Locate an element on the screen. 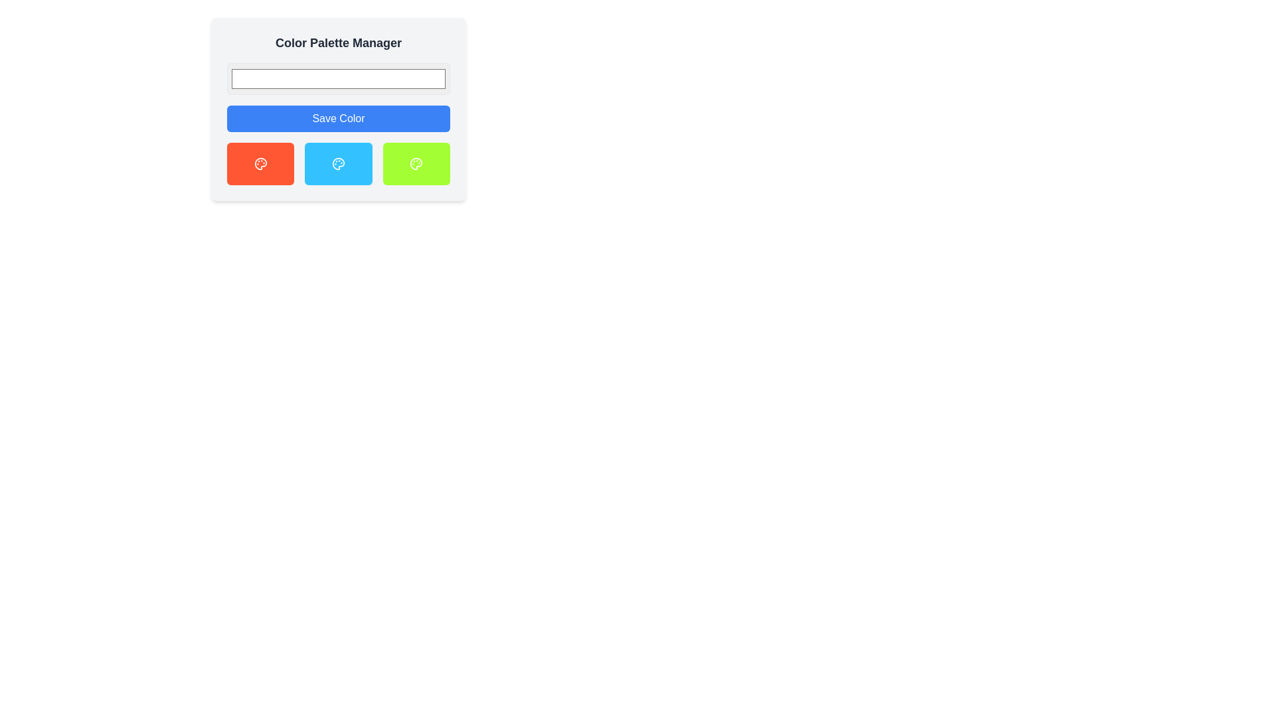  the color management icon-based button located within the blue box, positioned in the middle of three horizontally aligned colored boxes is located at coordinates (338, 163).